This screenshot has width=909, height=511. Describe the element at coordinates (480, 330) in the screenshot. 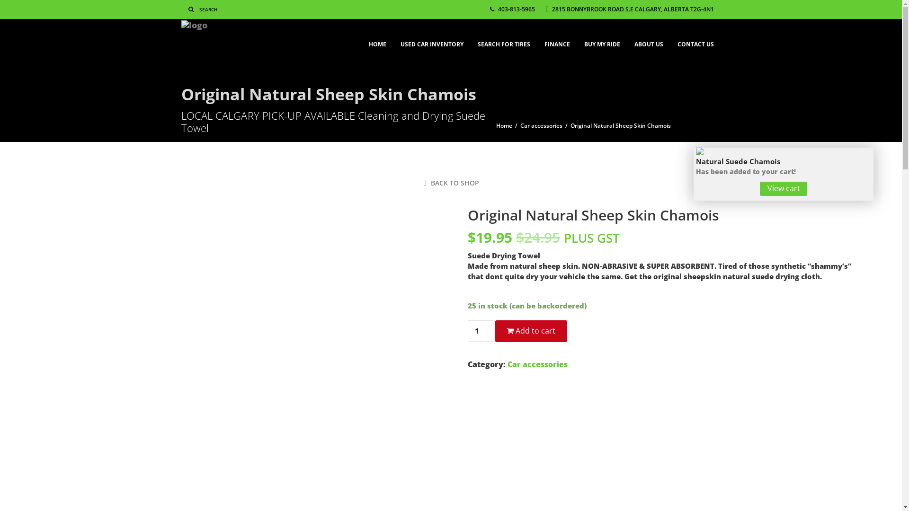

I see `'Qty'` at that location.